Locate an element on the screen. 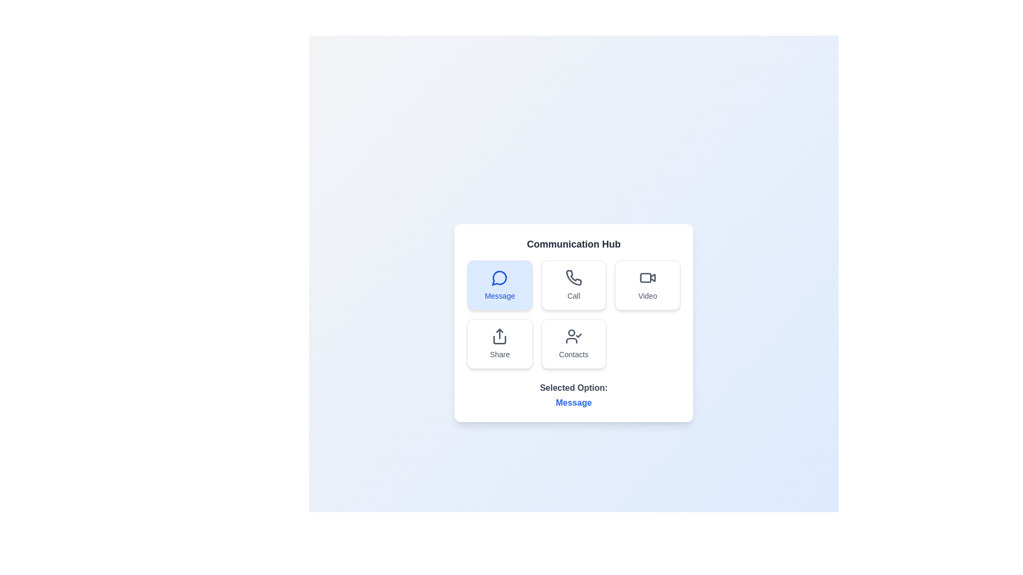 The image size is (1023, 575). the option Video in the Communication Hub is located at coordinates (647, 285).